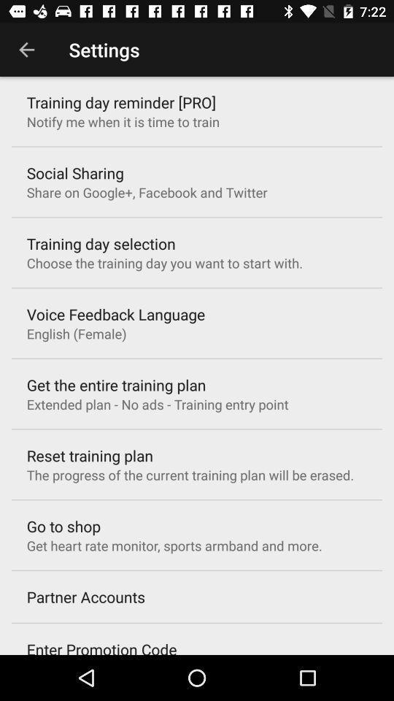 The image size is (394, 701). What do you see at coordinates (157, 404) in the screenshot?
I see `extended plan no` at bounding box center [157, 404].